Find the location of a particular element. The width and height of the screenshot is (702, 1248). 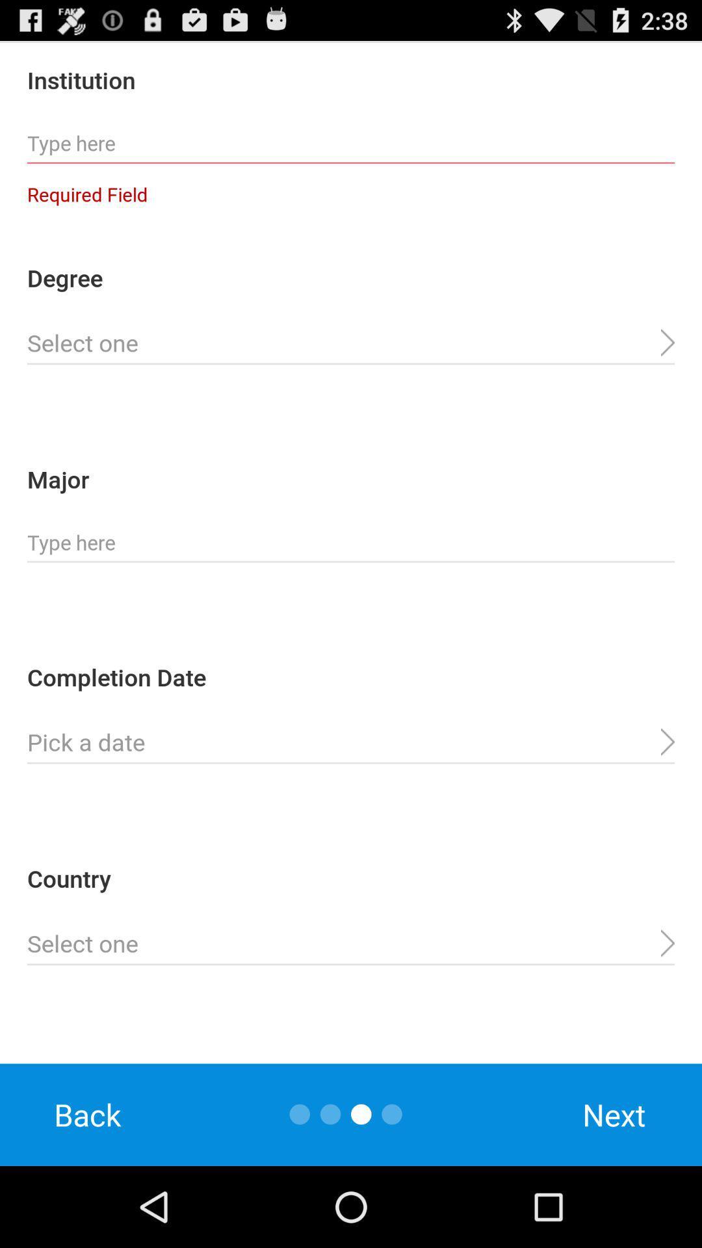

country is located at coordinates (351, 944).